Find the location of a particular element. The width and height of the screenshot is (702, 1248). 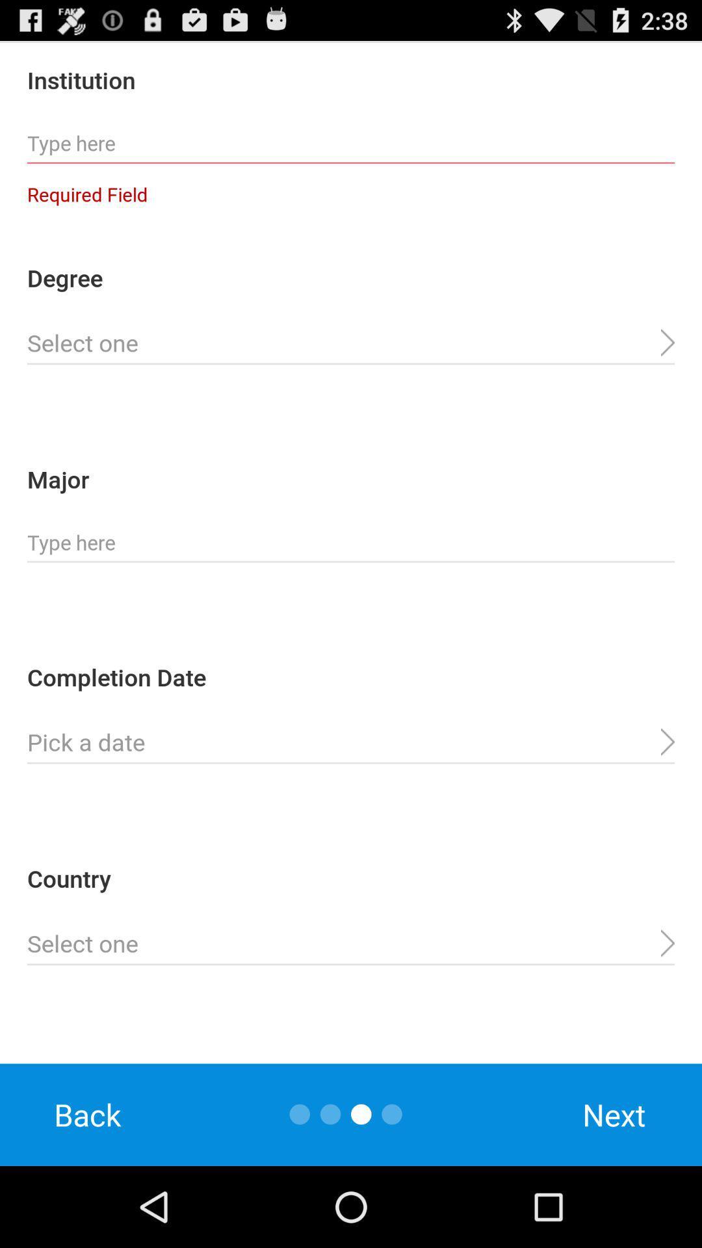

country is located at coordinates (351, 944).